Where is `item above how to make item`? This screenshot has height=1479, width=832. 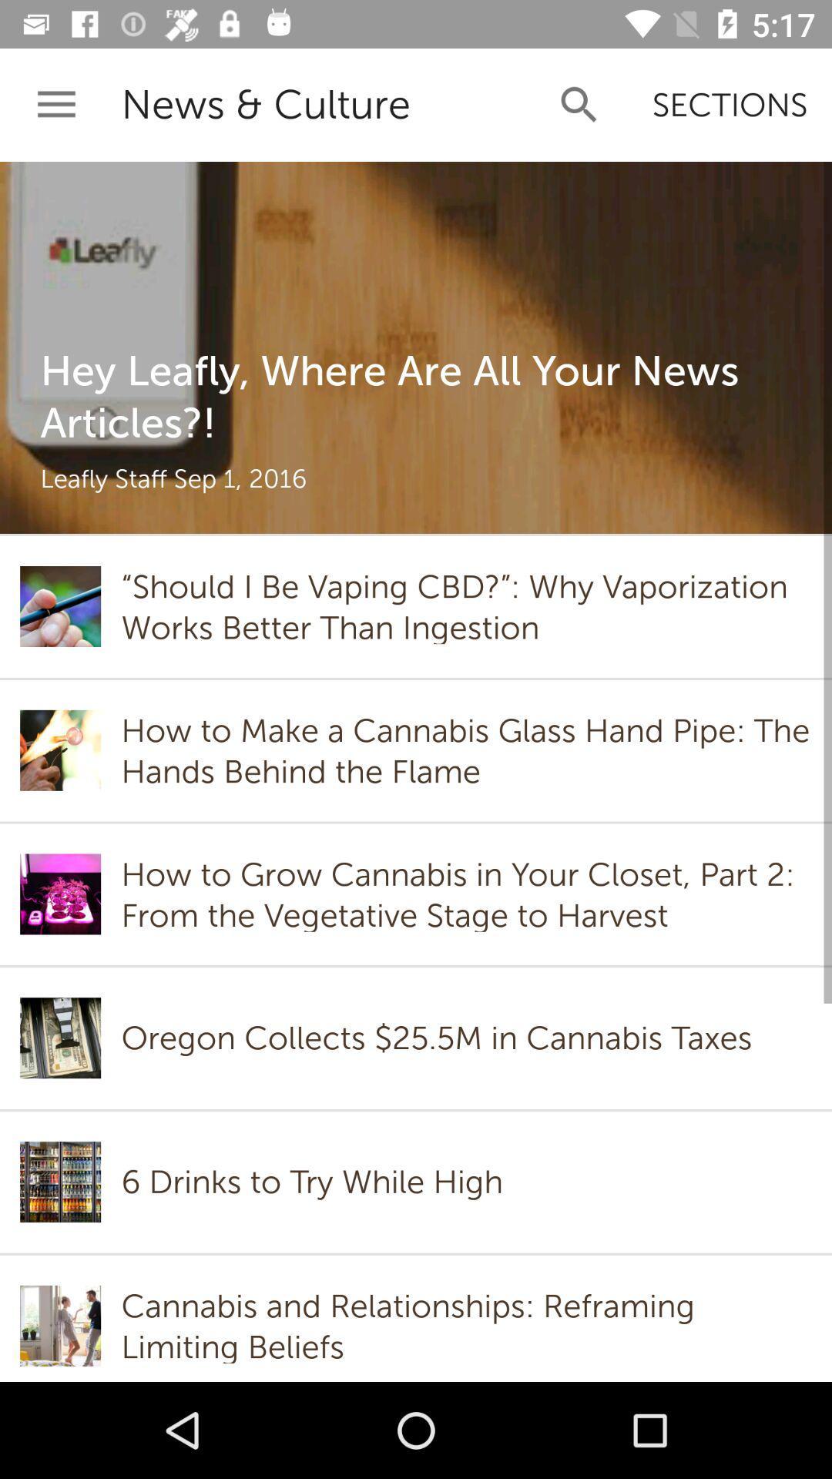
item above how to make item is located at coordinates (465, 605).